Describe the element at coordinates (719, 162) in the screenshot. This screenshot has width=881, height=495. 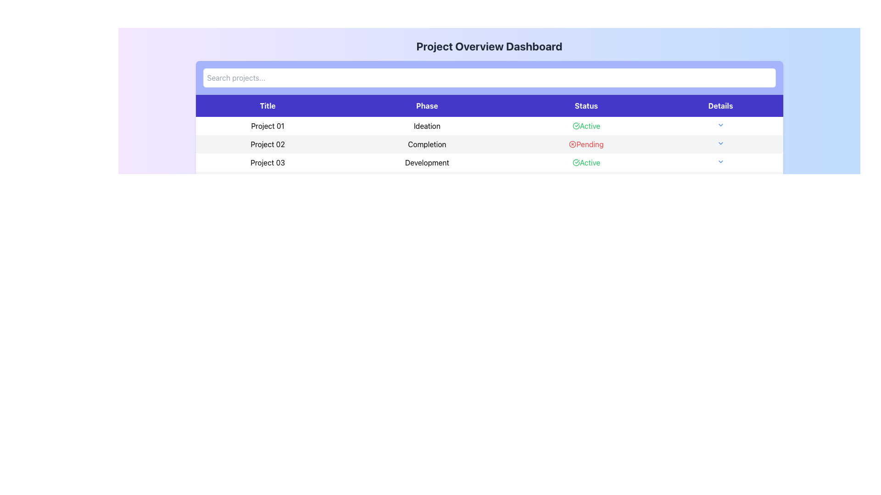
I see `the blue downward arrow icon` at that location.